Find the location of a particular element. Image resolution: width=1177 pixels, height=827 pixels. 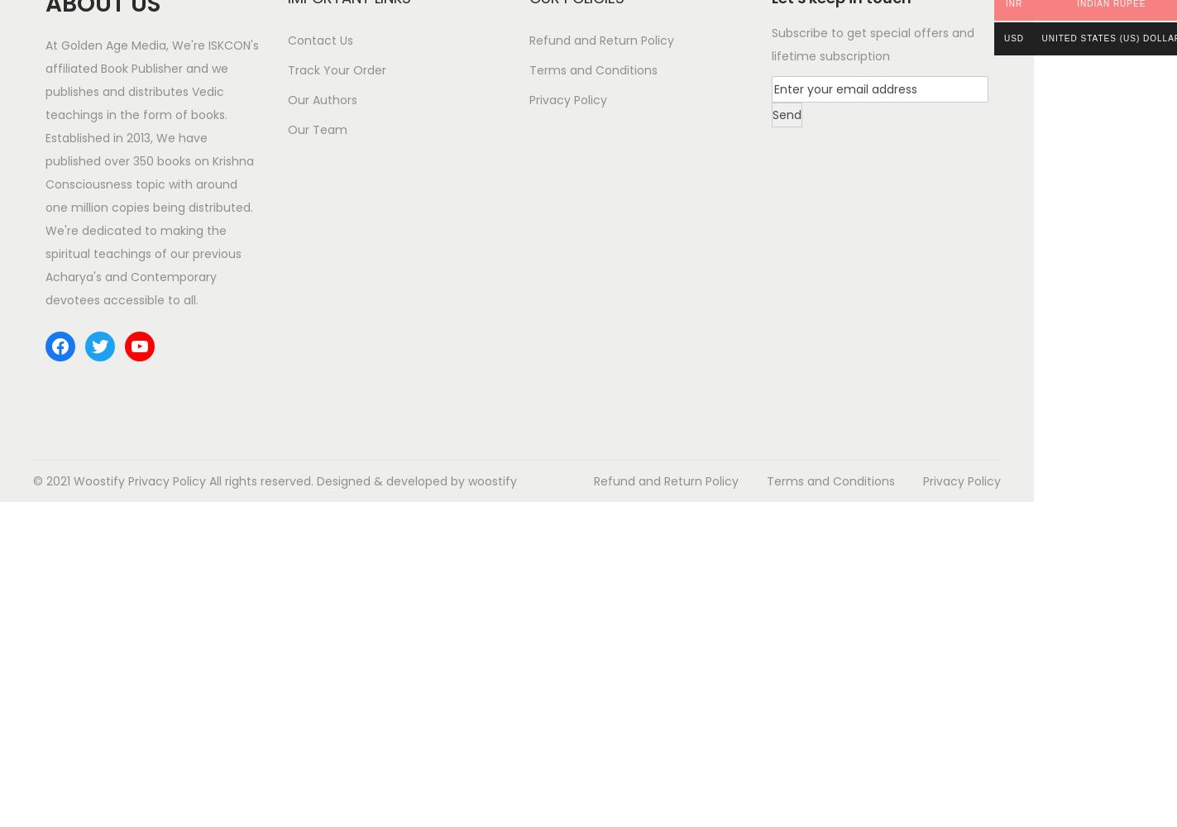

'Sarvasakshi Dasa' is located at coordinates (734, 25).